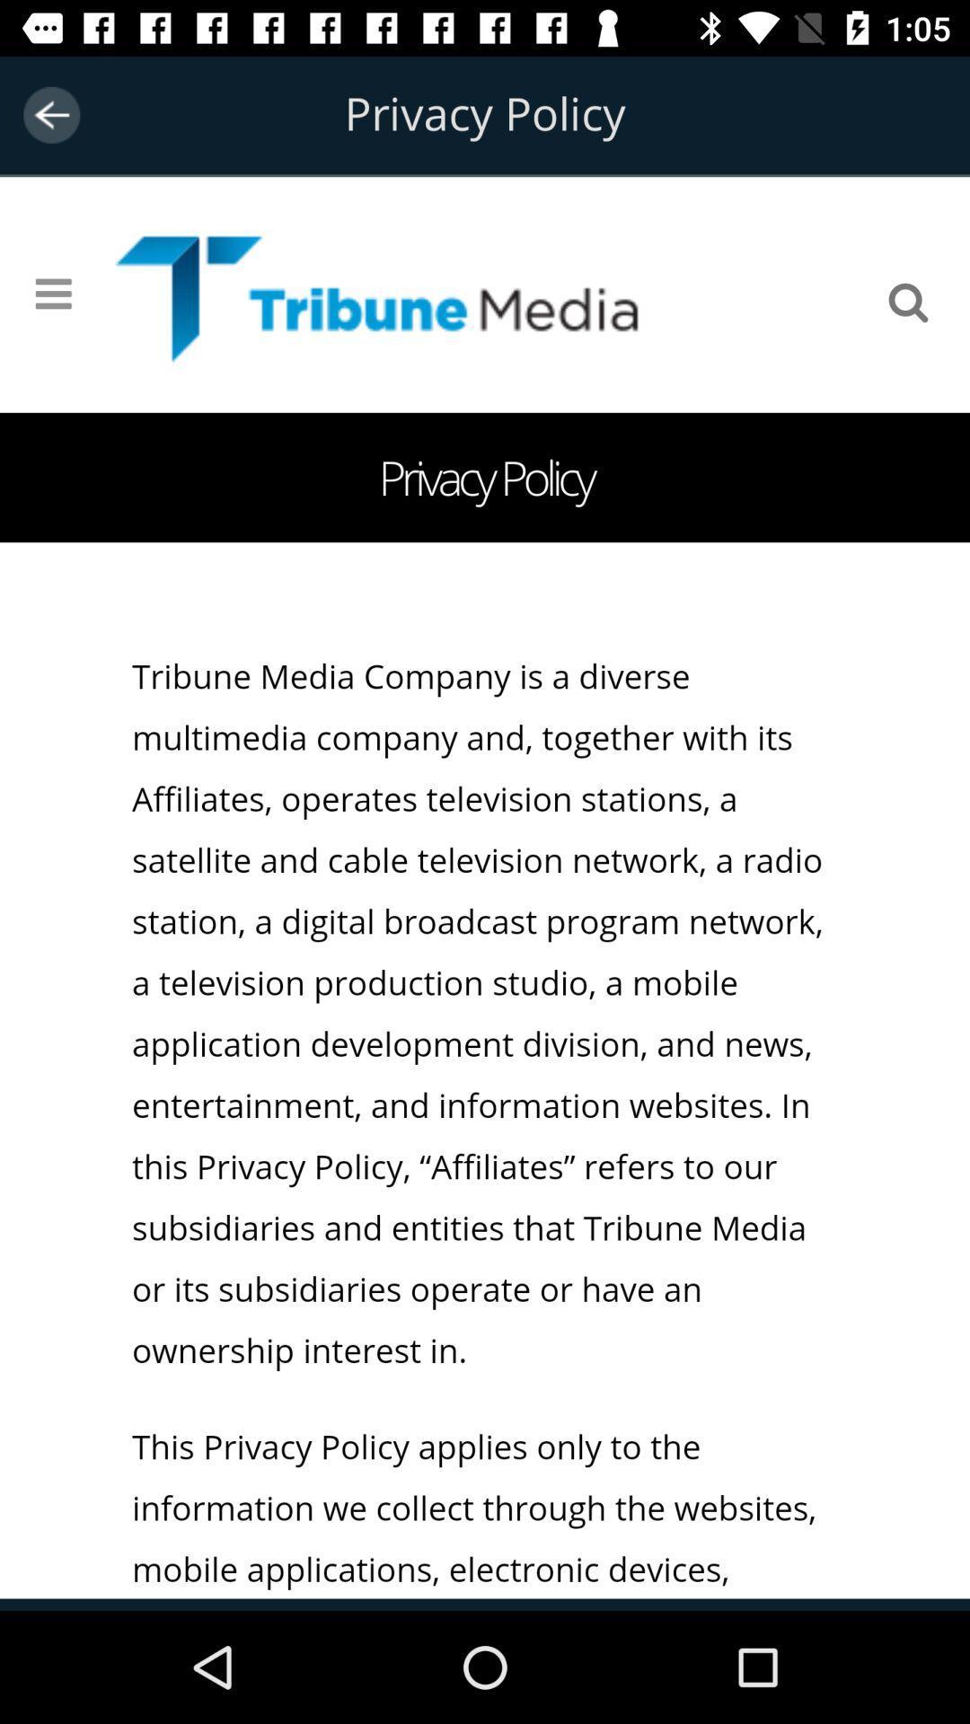  Describe the element at coordinates (50, 114) in the screenshot. I see `the arrow_backward icon` at that location.